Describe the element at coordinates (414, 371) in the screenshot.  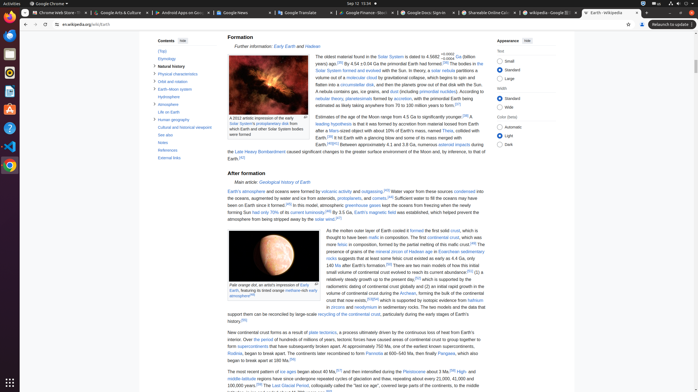
I see `'Pleistocene'` at that location.